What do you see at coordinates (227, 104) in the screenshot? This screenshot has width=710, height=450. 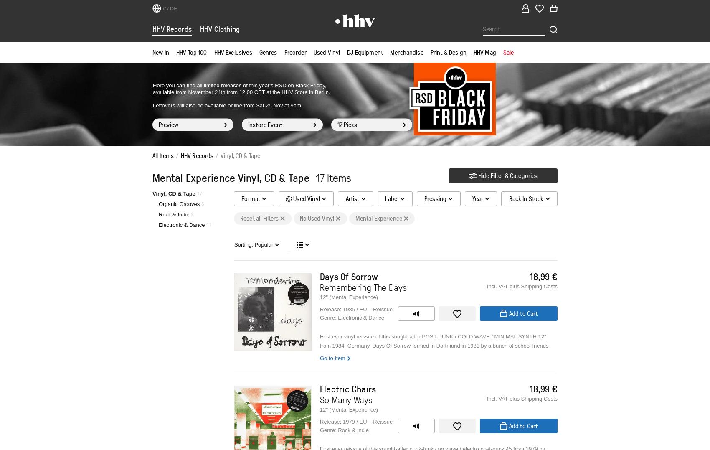 I see `'Leftovers will also be available online from Sat 25 Nov at 9am.'` at bounding box center [227, 104].